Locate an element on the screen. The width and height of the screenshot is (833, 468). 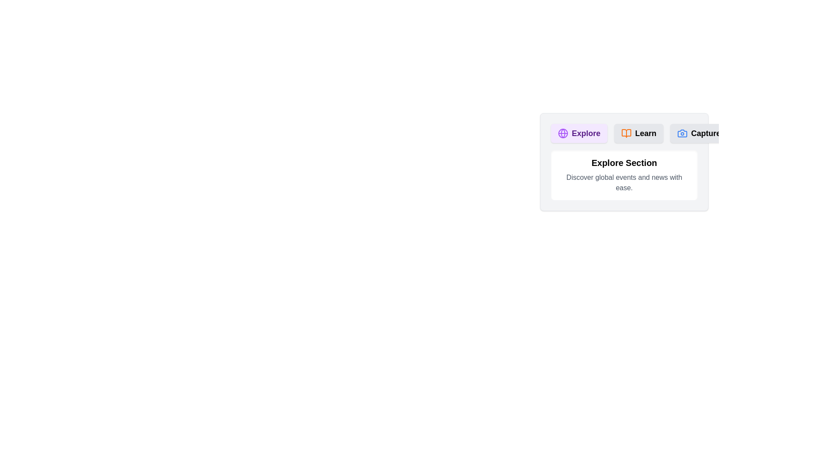
the tab labeled Learn to activate it is located at coordinates (639, 133).